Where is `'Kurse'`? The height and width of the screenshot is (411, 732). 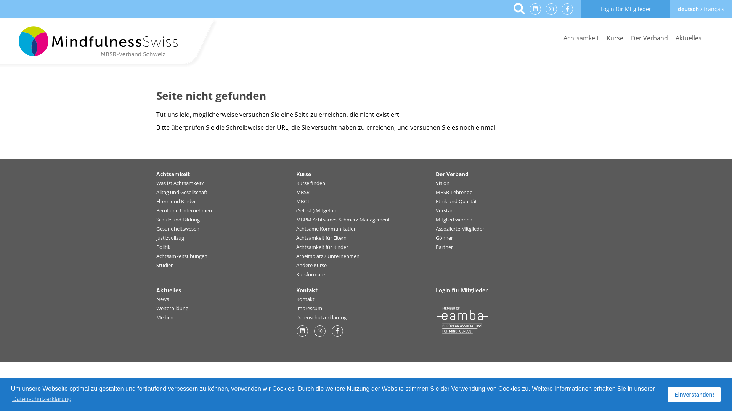 'Kurse' is located at coordinates (615, 38).